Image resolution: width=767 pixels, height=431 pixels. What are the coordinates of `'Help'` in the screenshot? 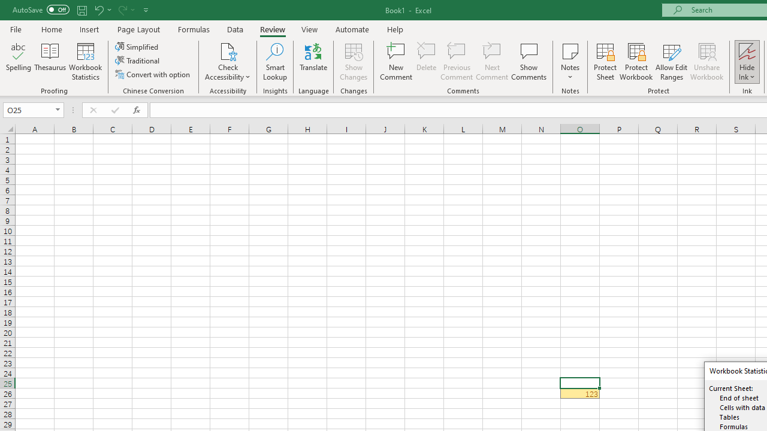 It's located at (395, 29).